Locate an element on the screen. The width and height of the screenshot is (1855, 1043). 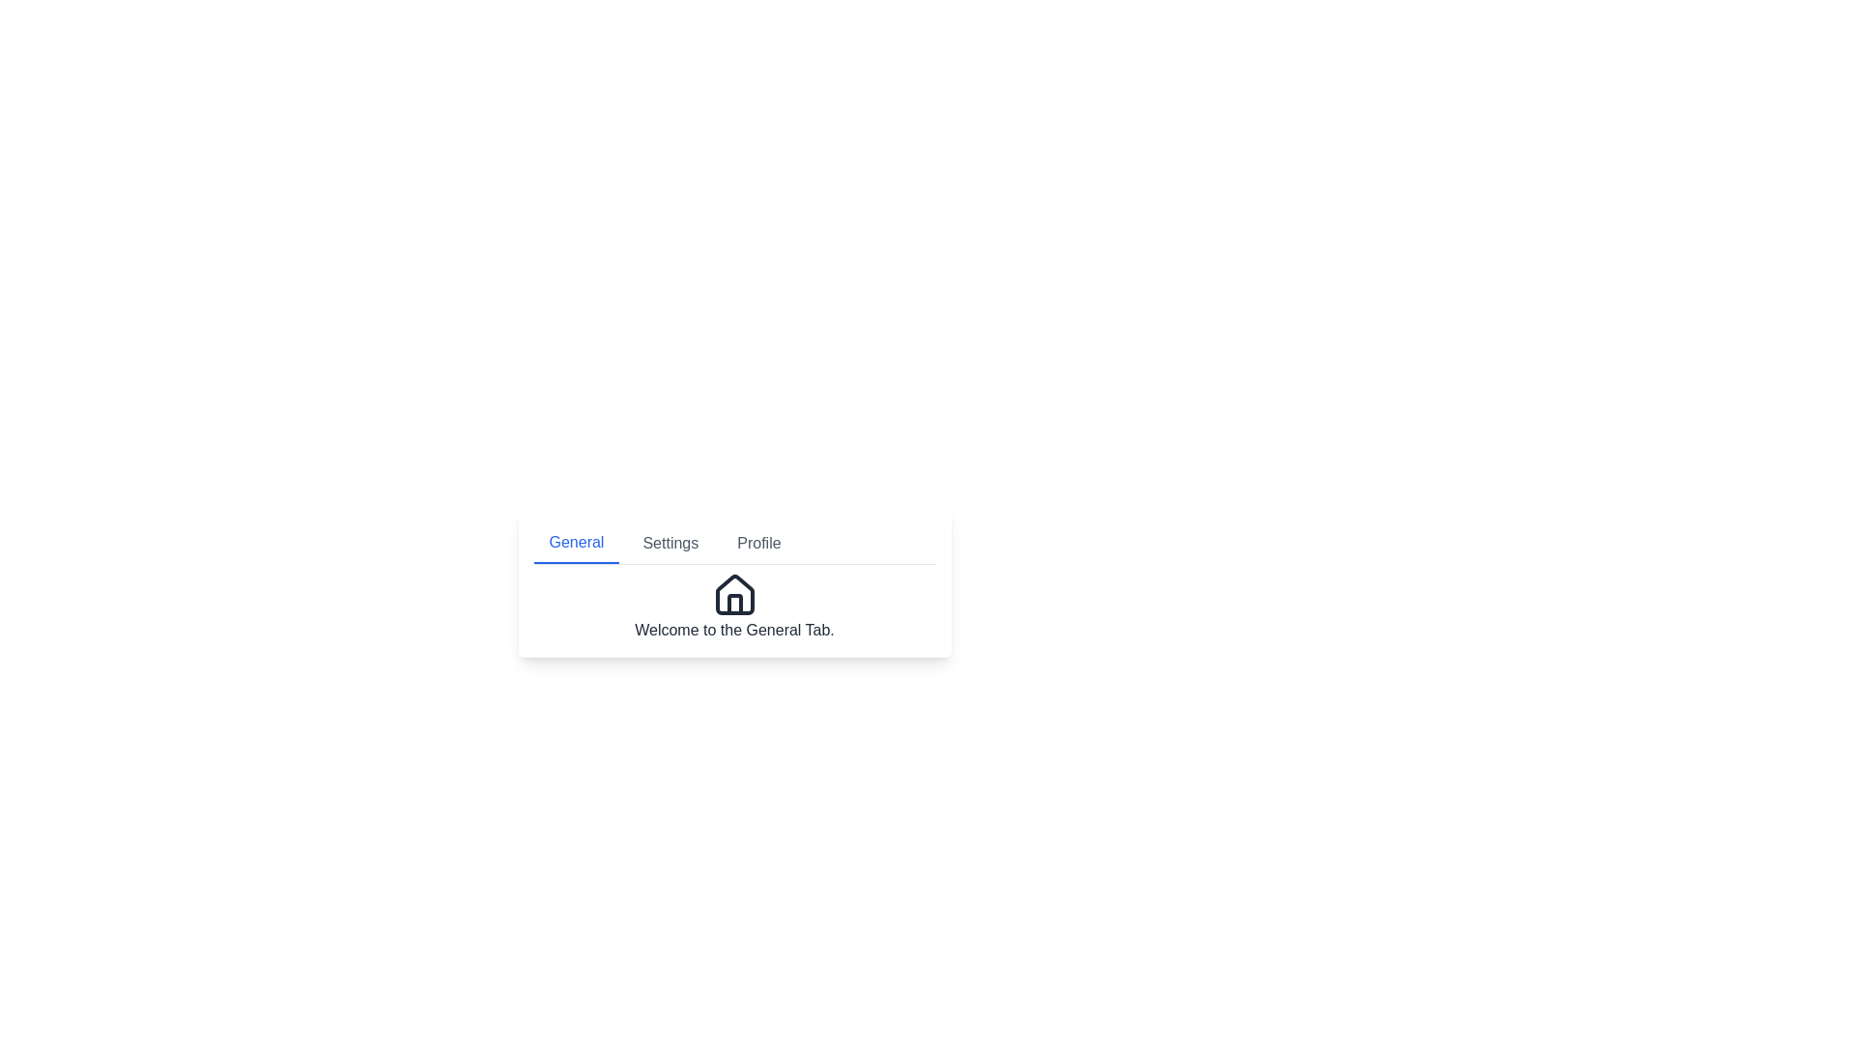
the Static Content Block that indicates the currently selected 'General' tab, which includes a house icon and a welcoming message is located at coordinates (733, 606).